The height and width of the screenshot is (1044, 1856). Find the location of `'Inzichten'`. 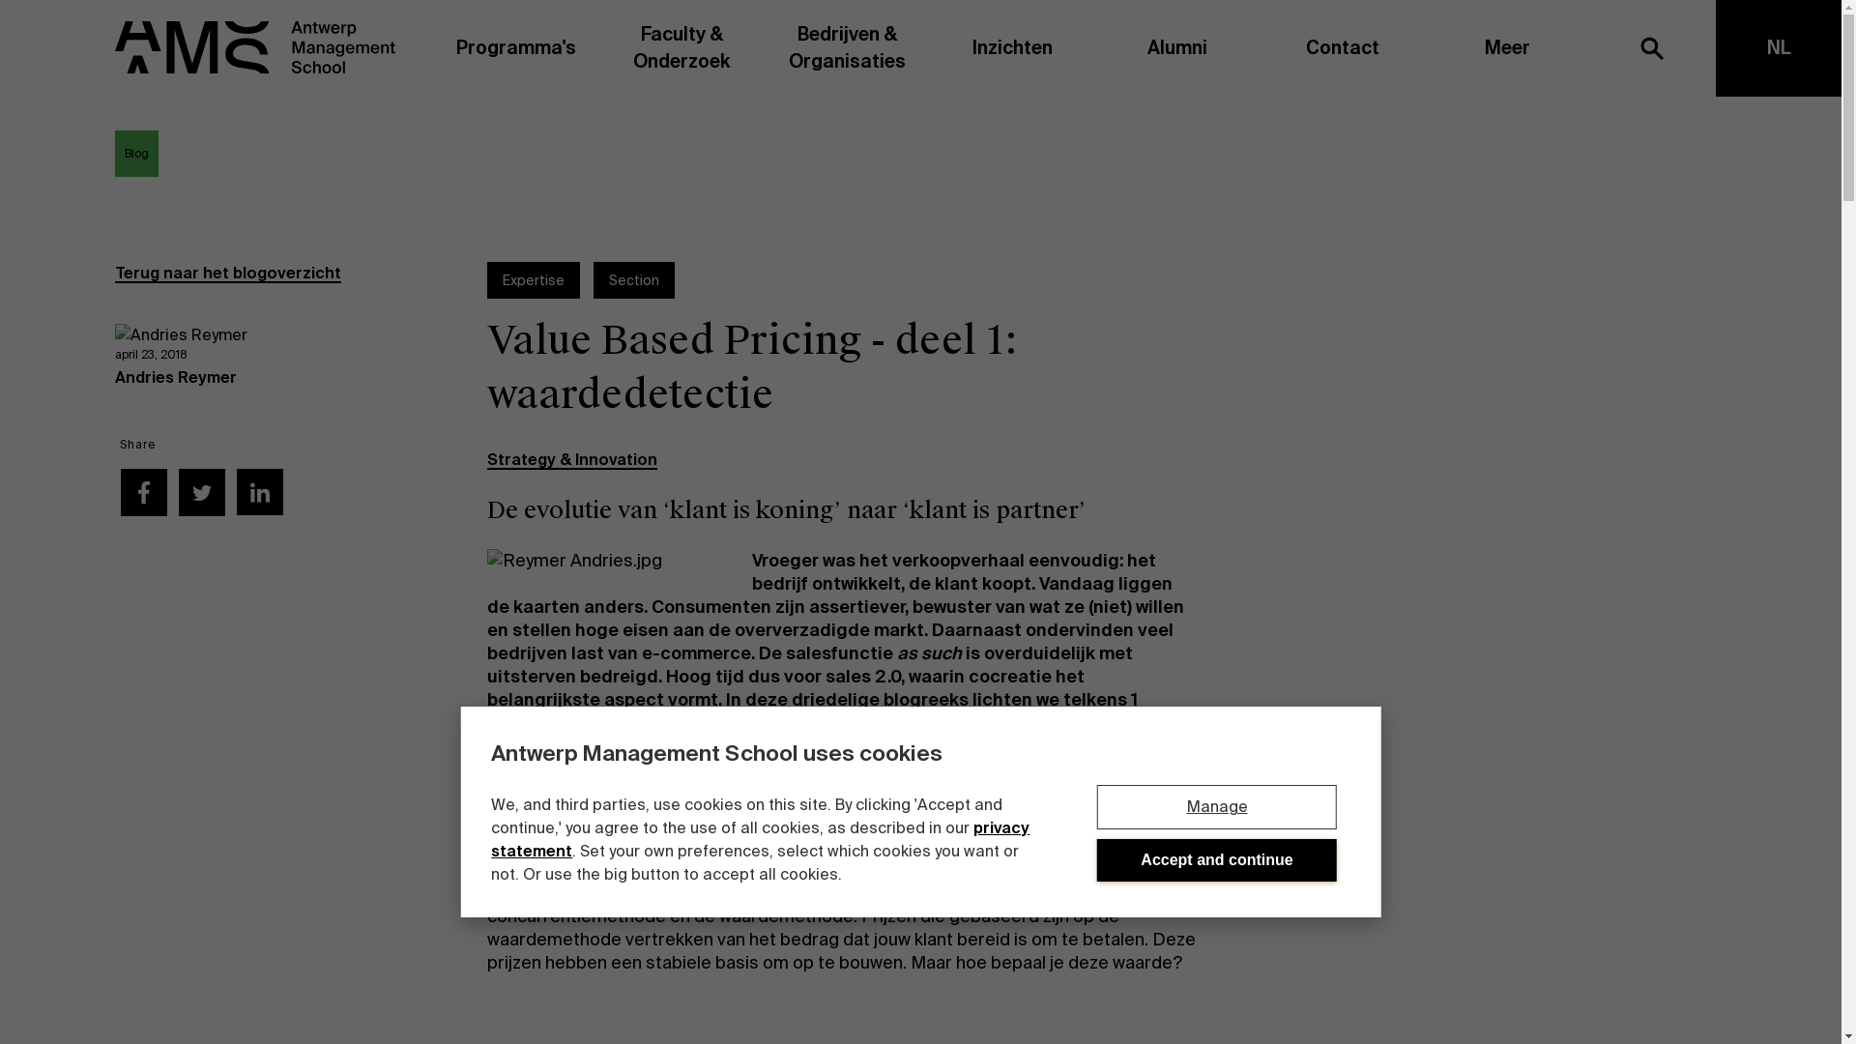

'Inzichten' is located at coordinates (929, 47).